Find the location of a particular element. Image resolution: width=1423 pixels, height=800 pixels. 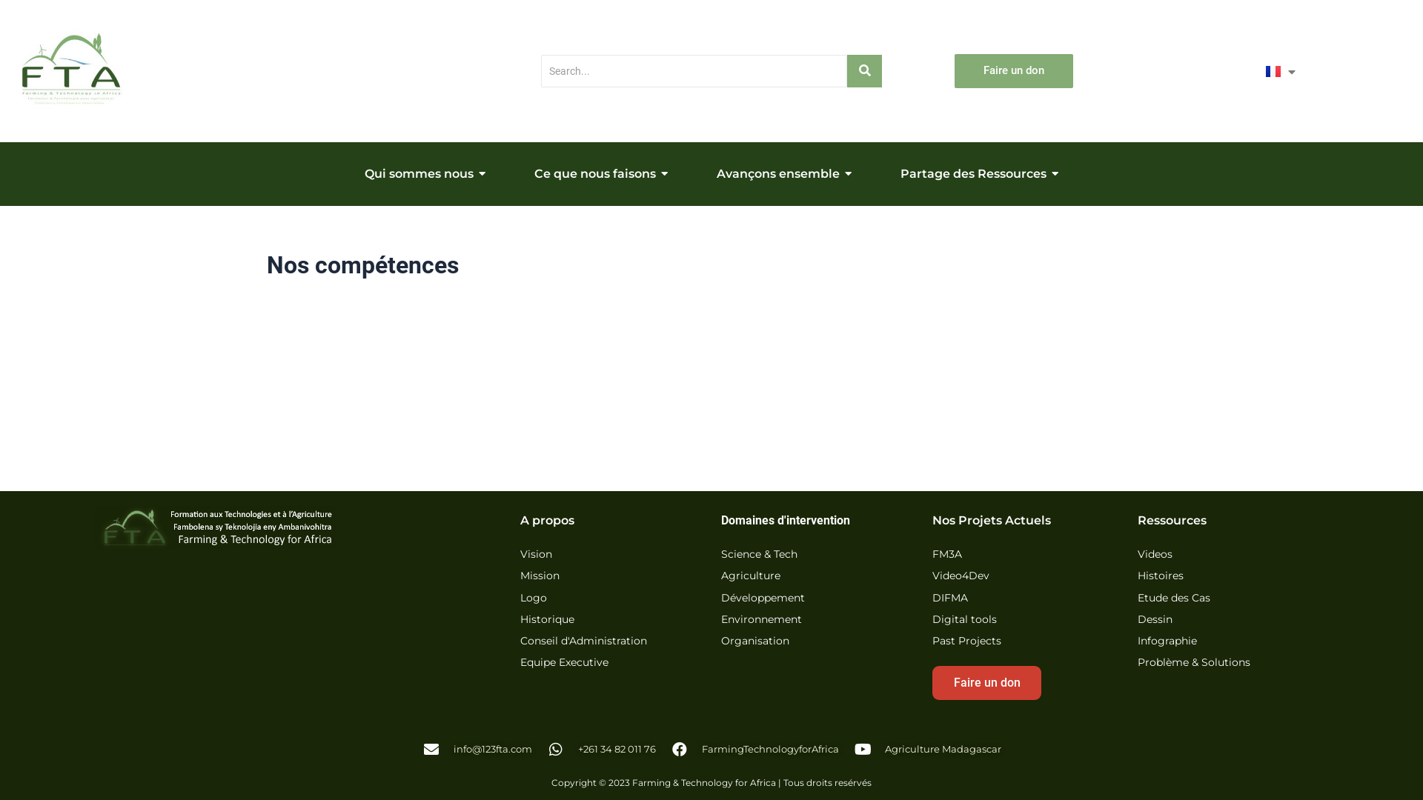

'Past Projects' is located at coordinates (966, 641).